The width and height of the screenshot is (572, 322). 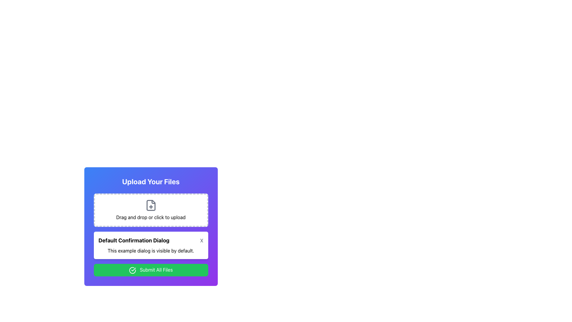 I want to click on the Interactive file upload area located in the upper section of the dialog interface, so click(x=151, y=210).